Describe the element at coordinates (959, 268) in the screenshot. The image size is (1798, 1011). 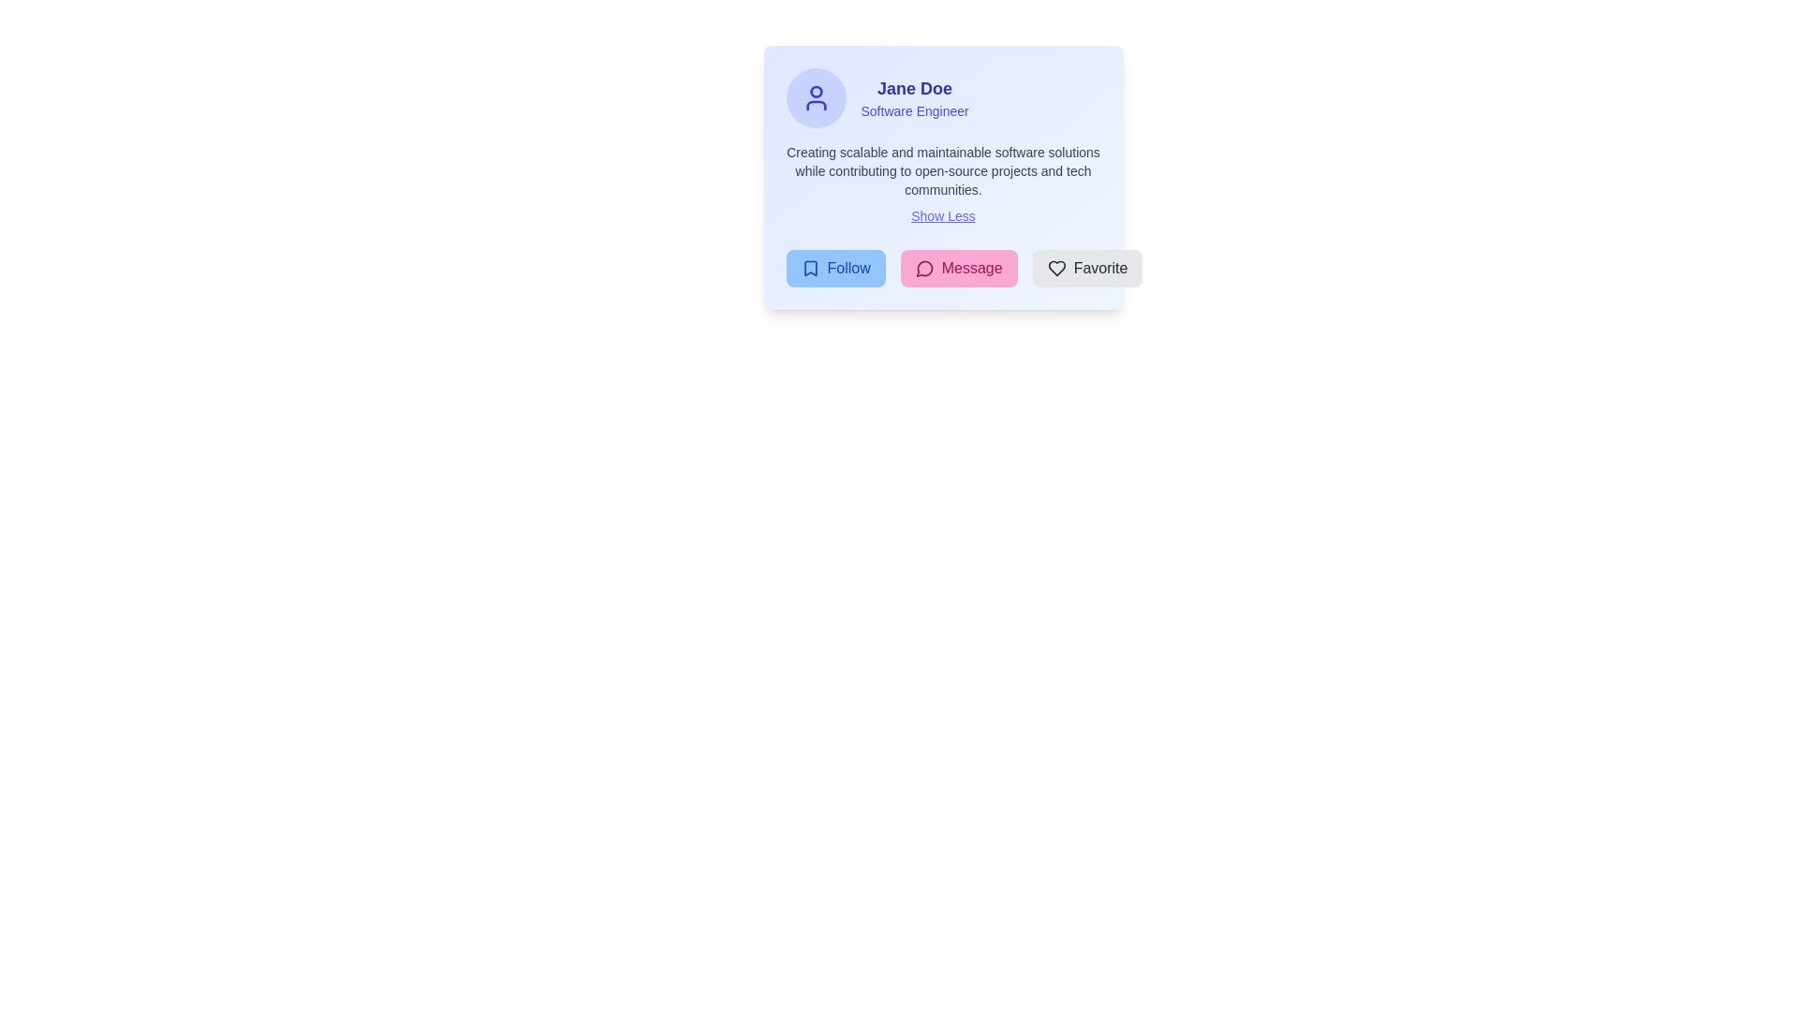
I see `the pink rectangular 'Message' button with rounded corners` at that location.